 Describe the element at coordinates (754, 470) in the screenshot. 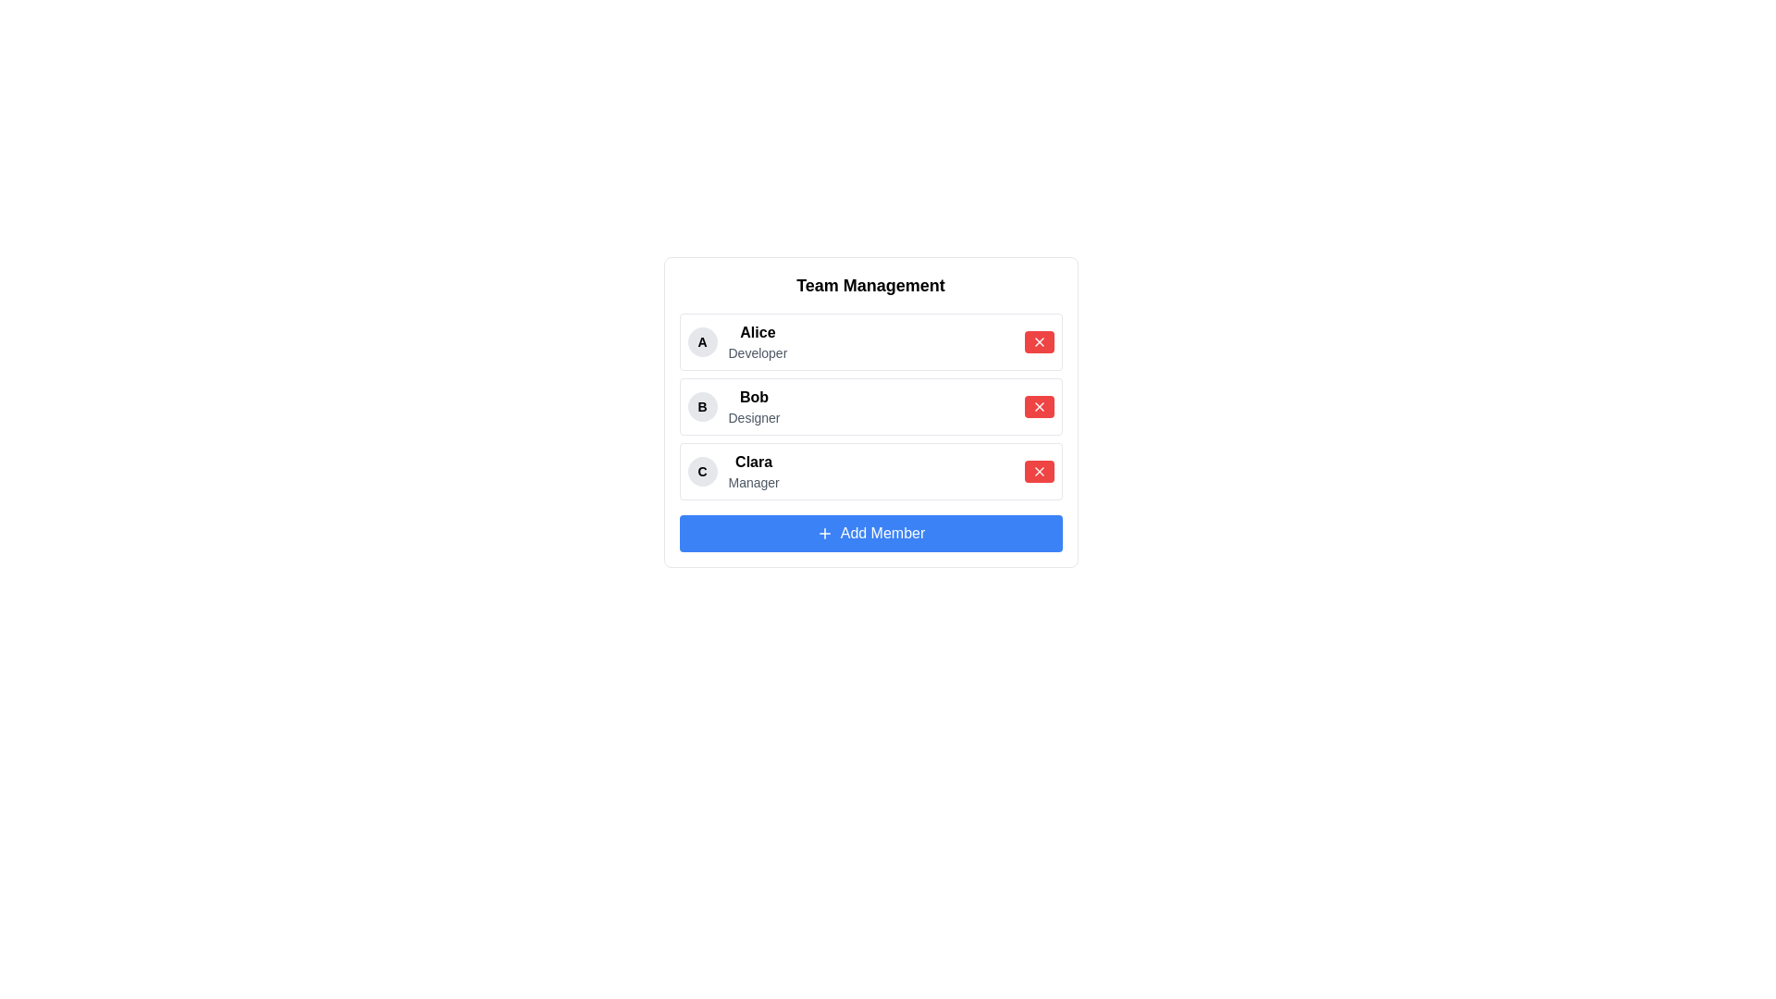

I see `the text label displaying 'Clara', who is the Manager, located in the third row of the 'Team Management' section, positioned between a circular icon with 'C' and a red button with 'X'` at that location.